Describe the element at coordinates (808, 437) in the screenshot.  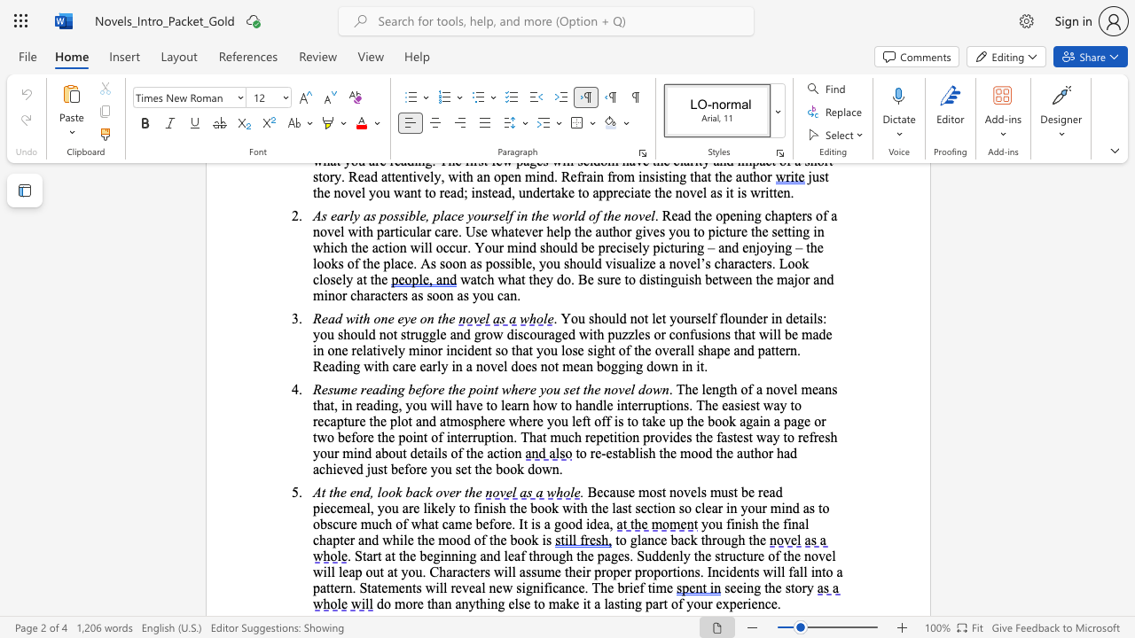
I see `the subset text "fresh yo" within the text "the fastest way to refresh your mind about details of the action"` at that location.